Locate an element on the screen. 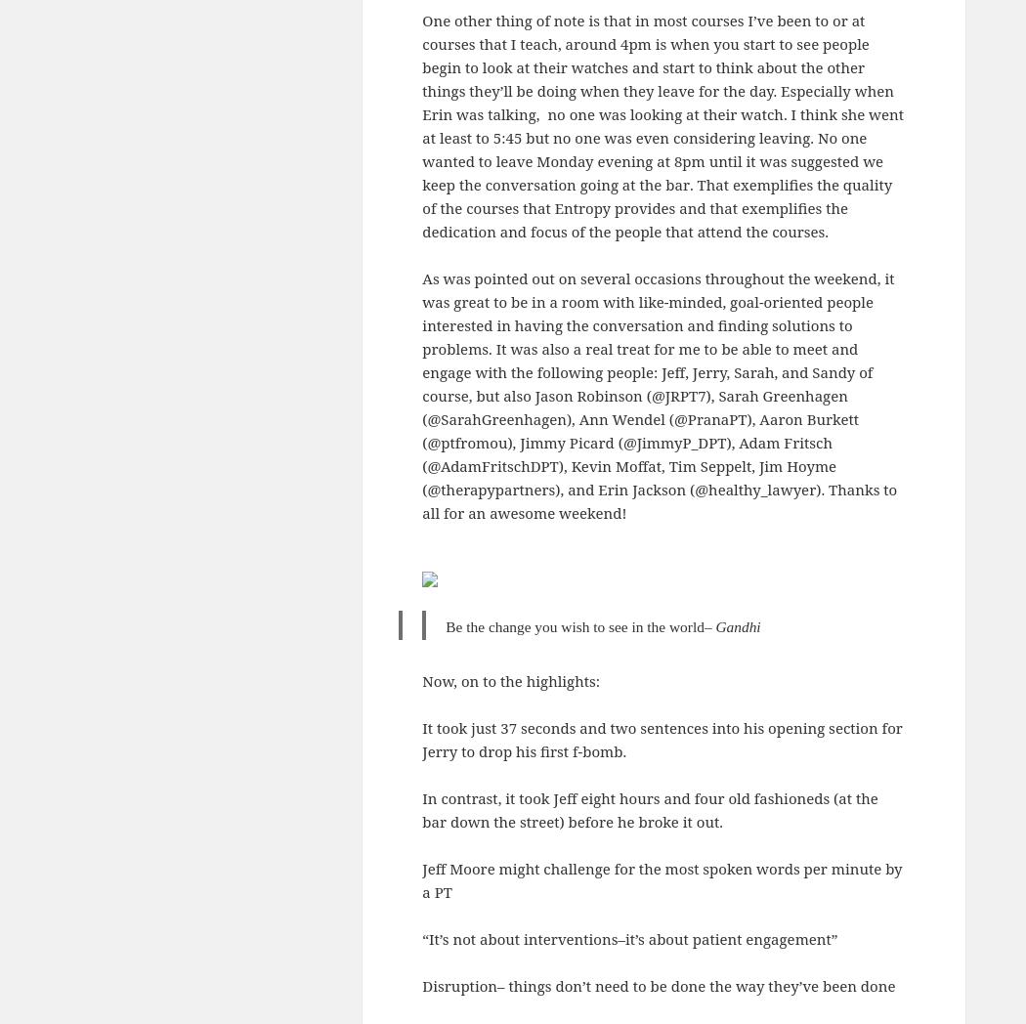 Image resolution: width=1026 pixels, height=1024 pixels. 'Be the change you wish to see in the world–' is located at coordinates (578, 624).